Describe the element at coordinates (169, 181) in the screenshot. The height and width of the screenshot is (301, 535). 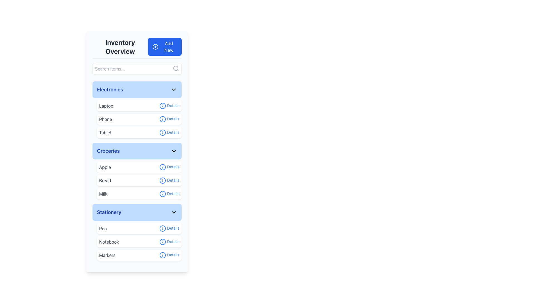
I see `the link or button next to the text 'Bread' in the 'Groceries' section` at that location.